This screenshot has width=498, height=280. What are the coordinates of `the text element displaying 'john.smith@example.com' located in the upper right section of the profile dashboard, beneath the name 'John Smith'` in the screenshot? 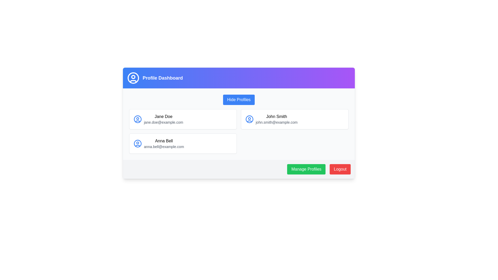 It's located at (276, 122).